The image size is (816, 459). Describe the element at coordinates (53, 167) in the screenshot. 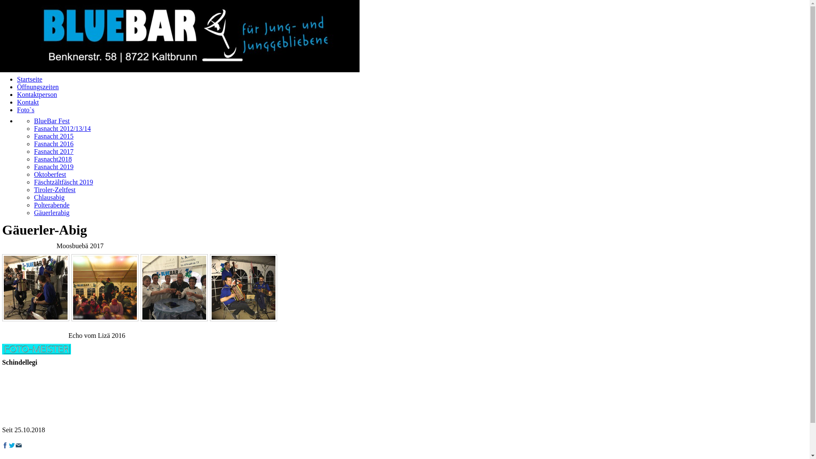

I see `'Fasnacht 2019'` at that location.